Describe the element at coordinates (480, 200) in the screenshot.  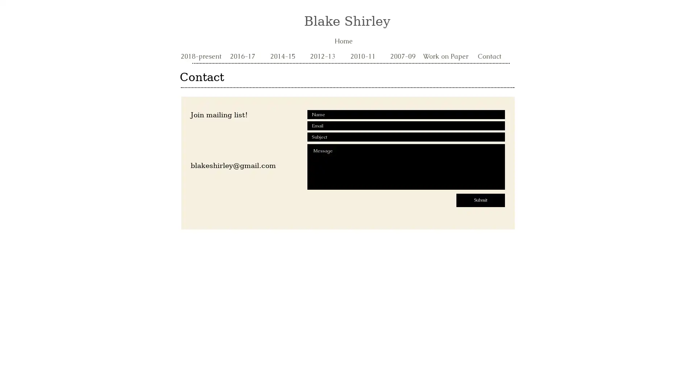
I see `Submit` at that location.